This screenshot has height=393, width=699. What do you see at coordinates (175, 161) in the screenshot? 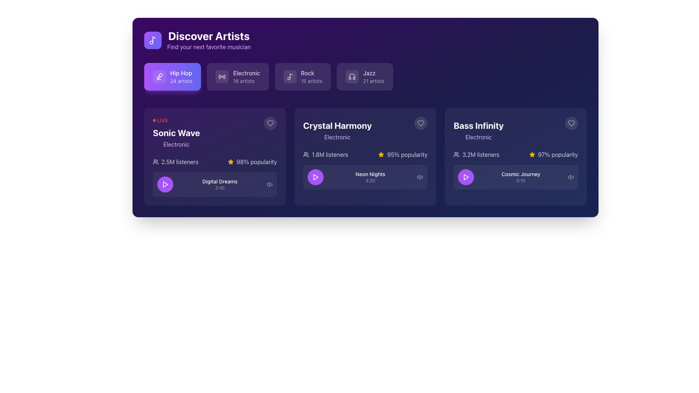
I see `informative label displaying '2.5M listeners' next to the icon of a group of people, located within the 'Sonic Wave' section` at bounding box center [175, 161].